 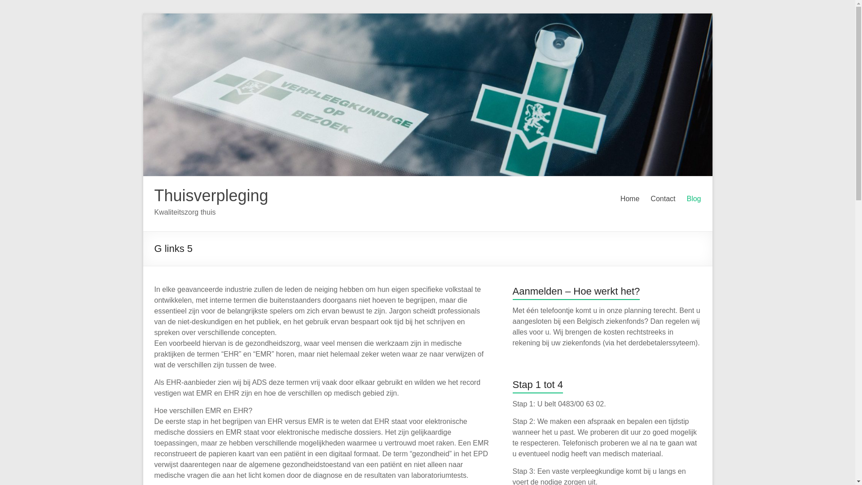 What do you see at coordinates (211, 195) in the screenshot?
I see `'Thuisverpleging'` at bounding box center [211, 195].